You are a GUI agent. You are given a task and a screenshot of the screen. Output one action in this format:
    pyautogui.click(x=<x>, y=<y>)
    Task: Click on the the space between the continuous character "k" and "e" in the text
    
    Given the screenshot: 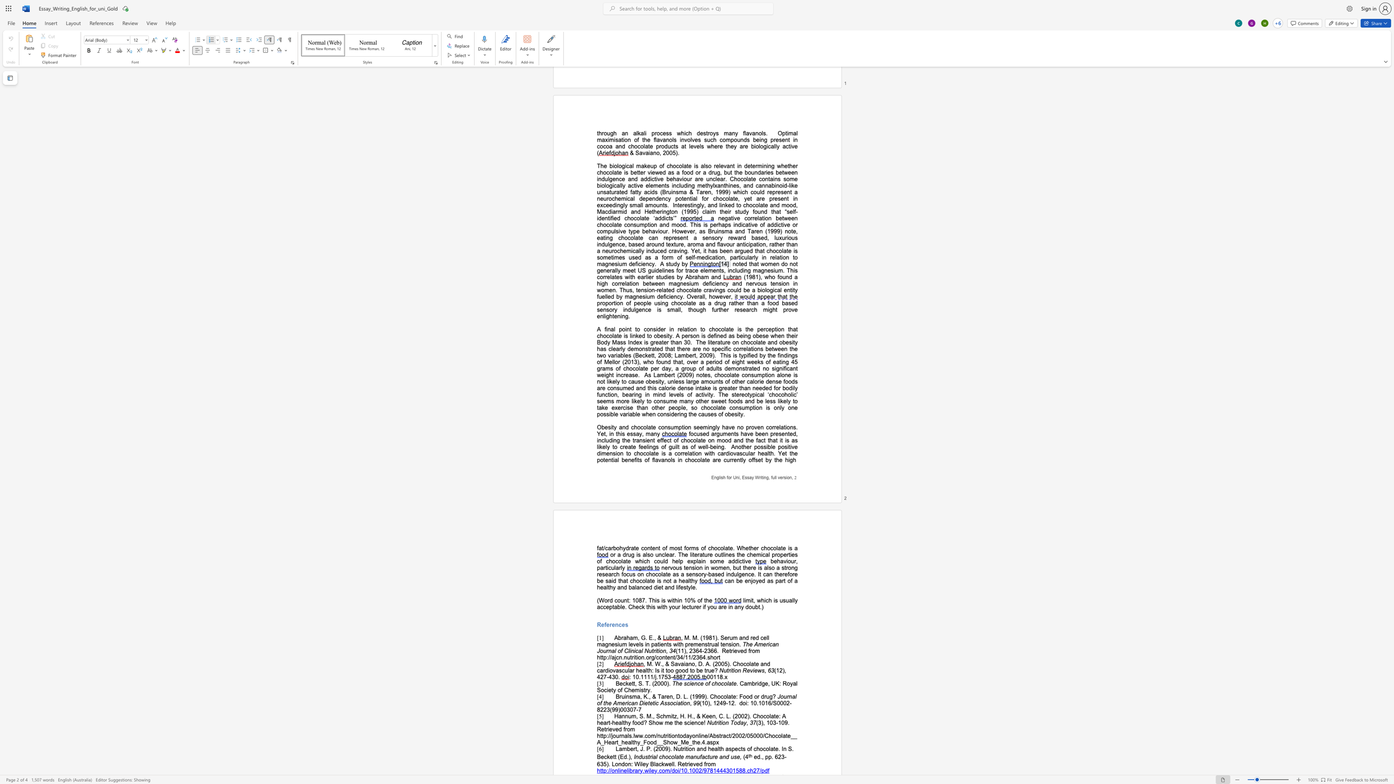 What is the action you would take?
    pyautogui.click(x=628, y=683)
    